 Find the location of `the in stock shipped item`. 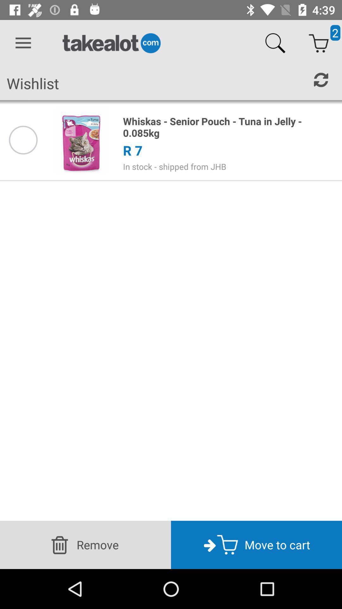

the in stock shipped item is located at coordinates (229, 167).